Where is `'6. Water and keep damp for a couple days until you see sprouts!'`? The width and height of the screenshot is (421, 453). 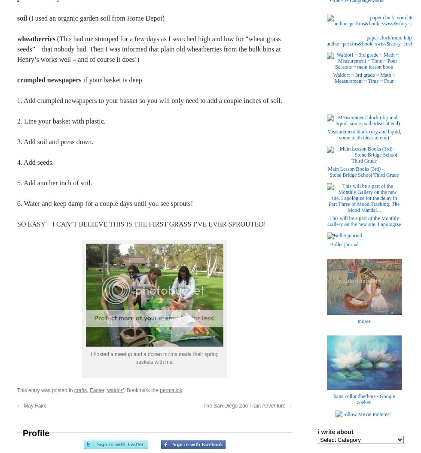
'6. Water and keep damp for a couple days until you see sprouts!' is located at coordinates (17, 203).